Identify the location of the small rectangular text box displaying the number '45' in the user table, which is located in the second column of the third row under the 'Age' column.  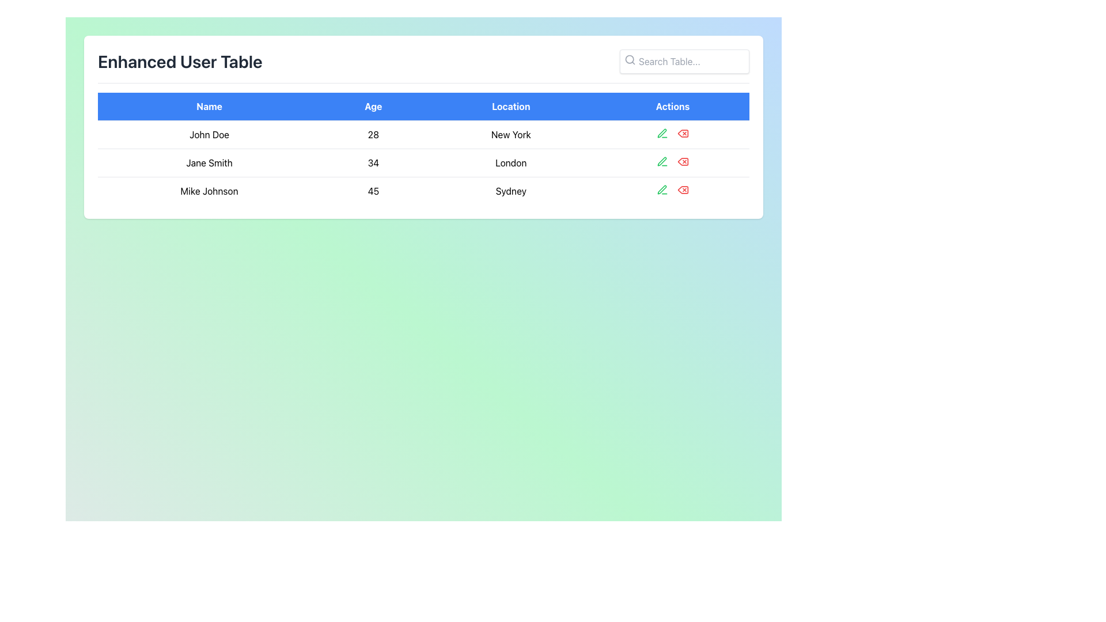
(373, 190).